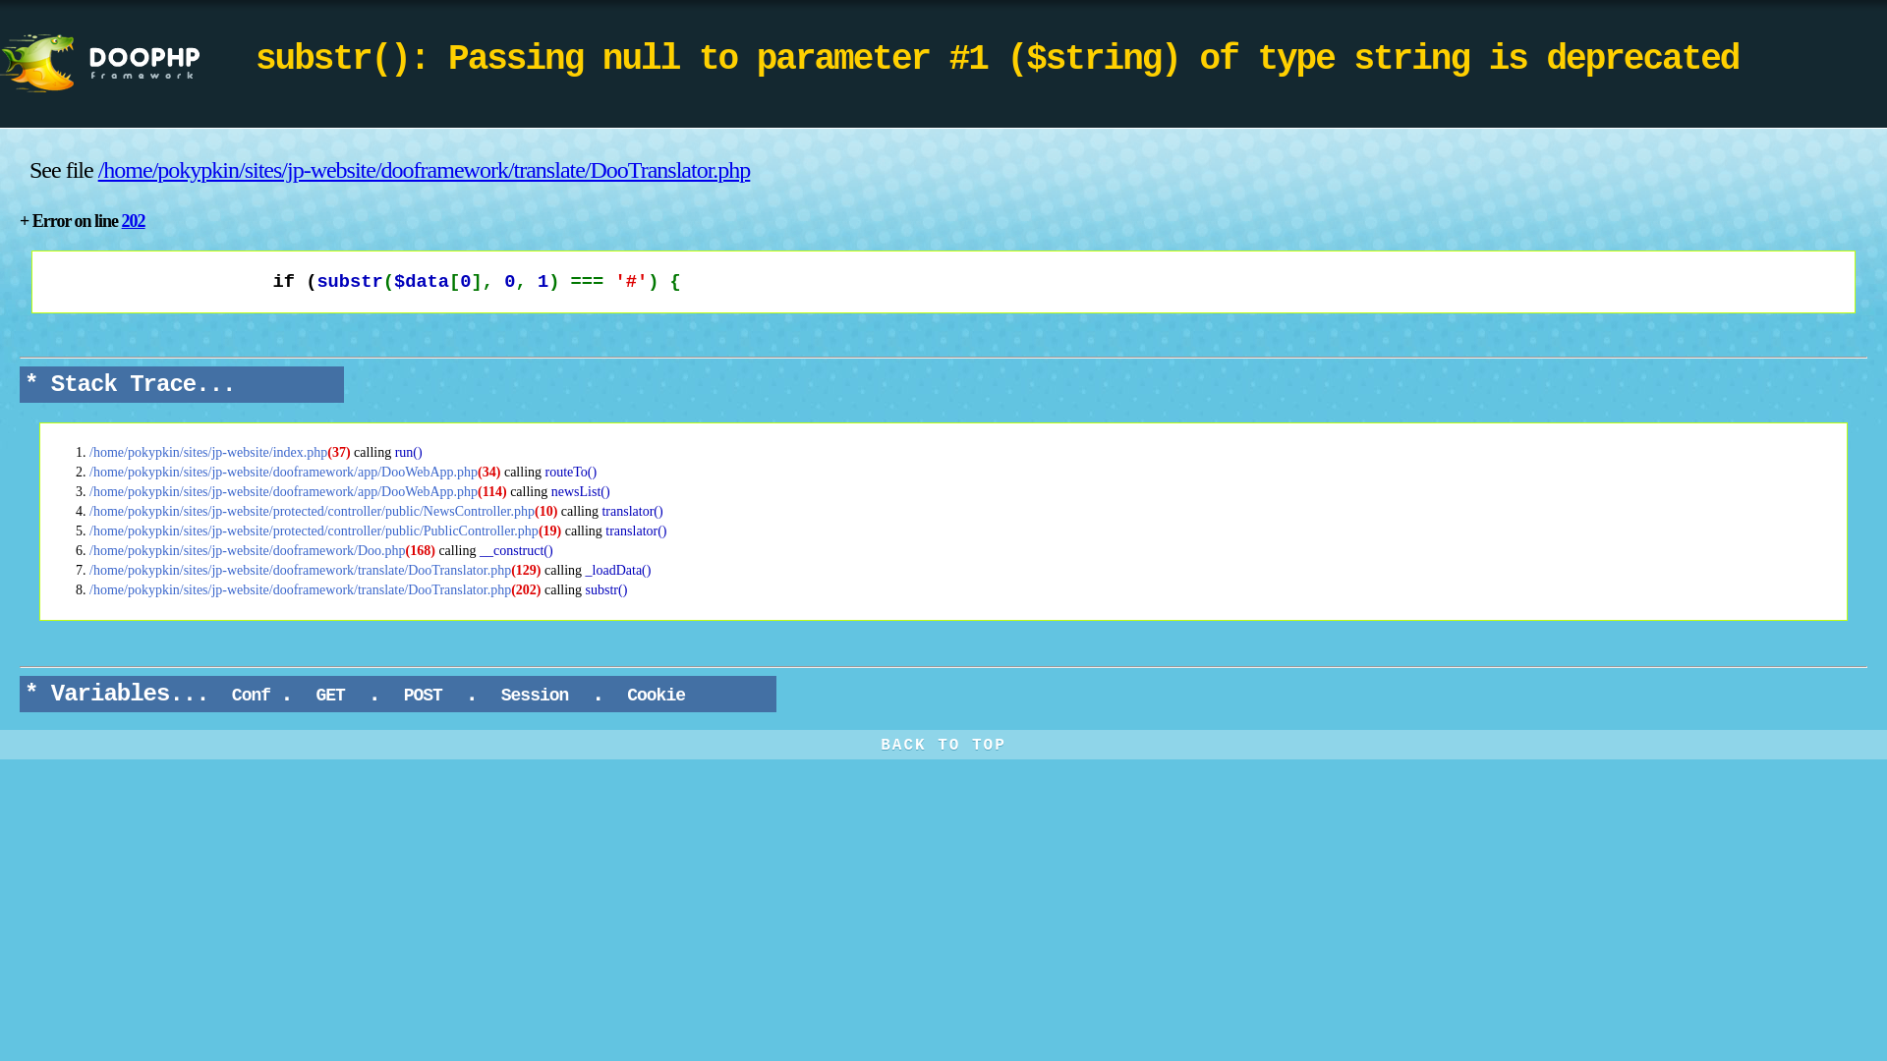 The width and height of the screenshot is (1887, 1061). I want to click on 'DooPHP', so click(126, 63).